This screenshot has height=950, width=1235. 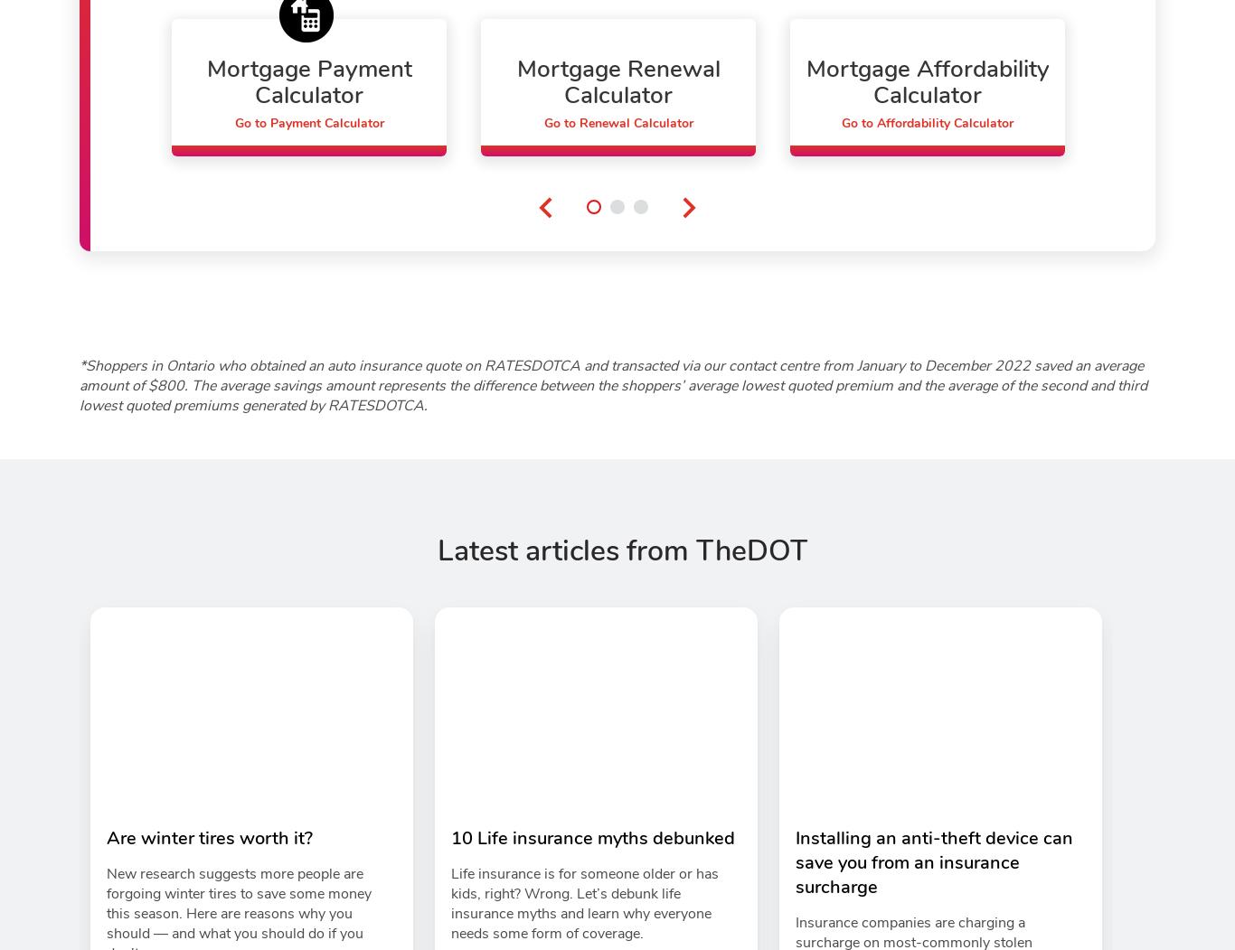 What do you see at coordinates (591, 837) in the screenshot?
I see `'10 Life insurance myths debunked'` at bounding box center [591, 837].